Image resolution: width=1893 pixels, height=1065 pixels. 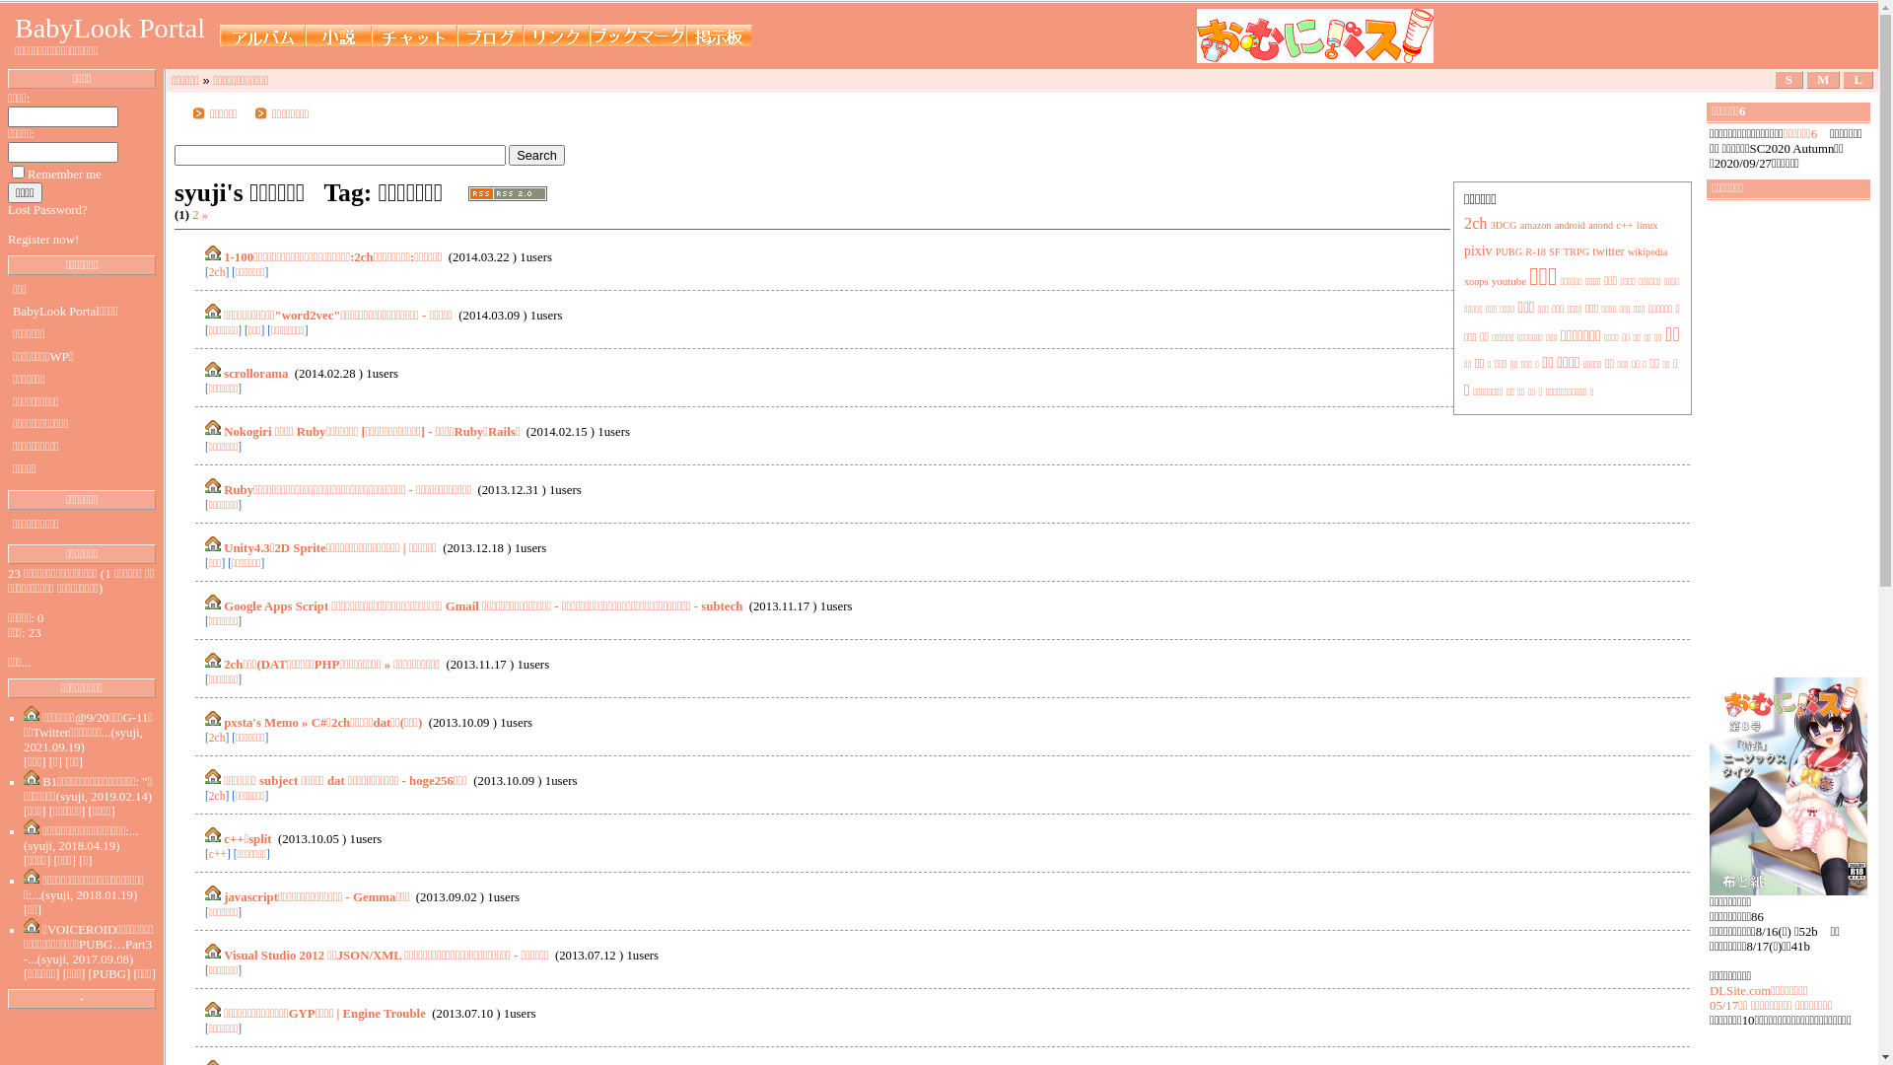 I want to click on '2ch', so click(x=217, y=794).